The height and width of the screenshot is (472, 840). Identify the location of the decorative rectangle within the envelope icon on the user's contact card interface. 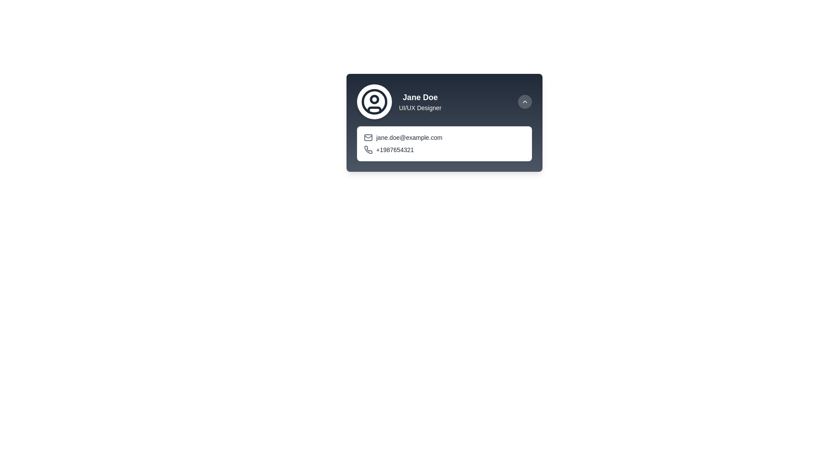
(368, 138).